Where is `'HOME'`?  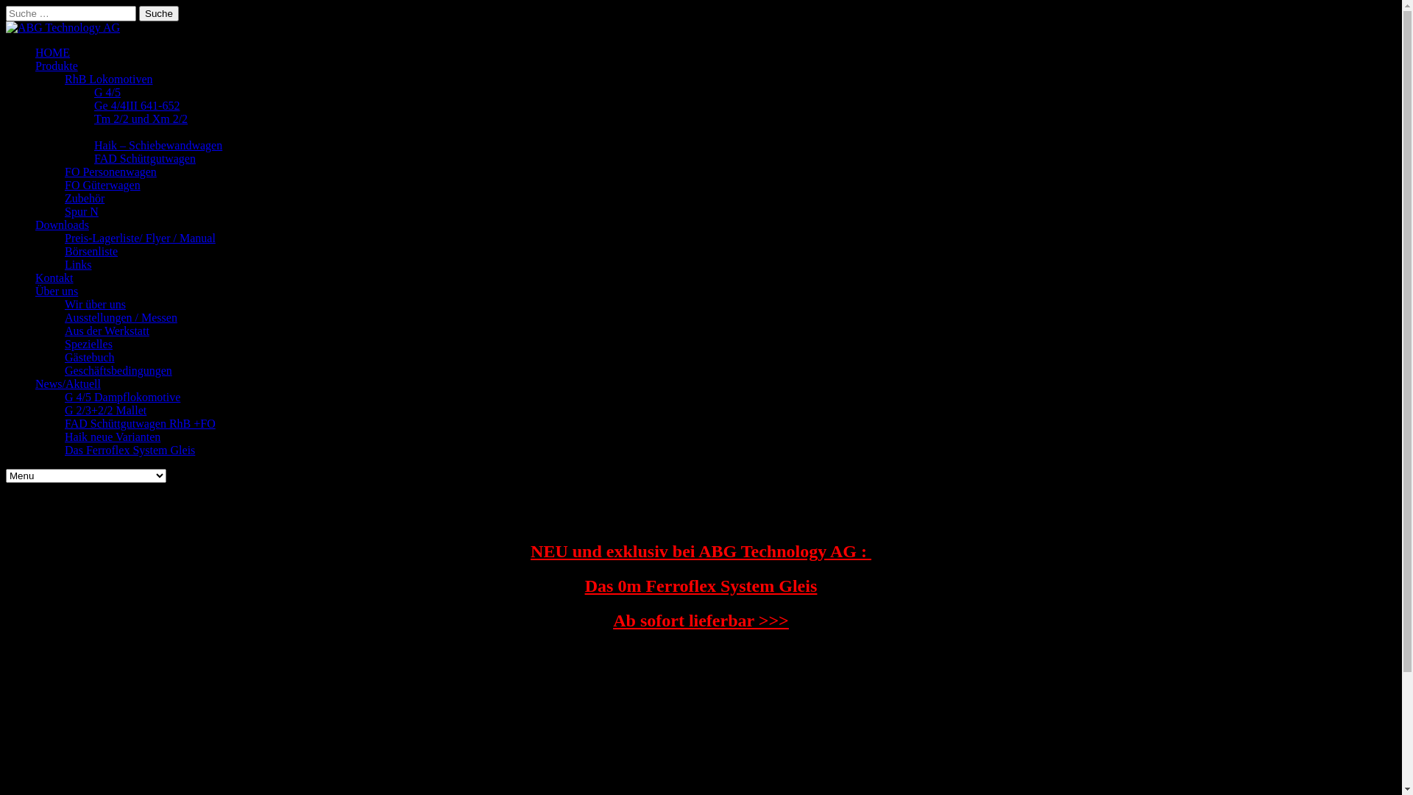
'HOME' is located at coordinates (52, 52).